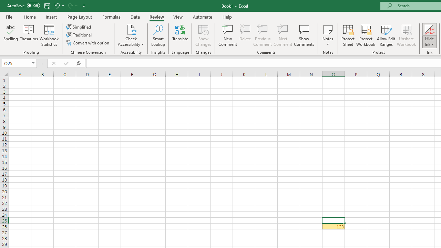  What do you see at coordinates (70, 6) in the screenshot?
I see `'Redo'` at bounding box center [70, 6].